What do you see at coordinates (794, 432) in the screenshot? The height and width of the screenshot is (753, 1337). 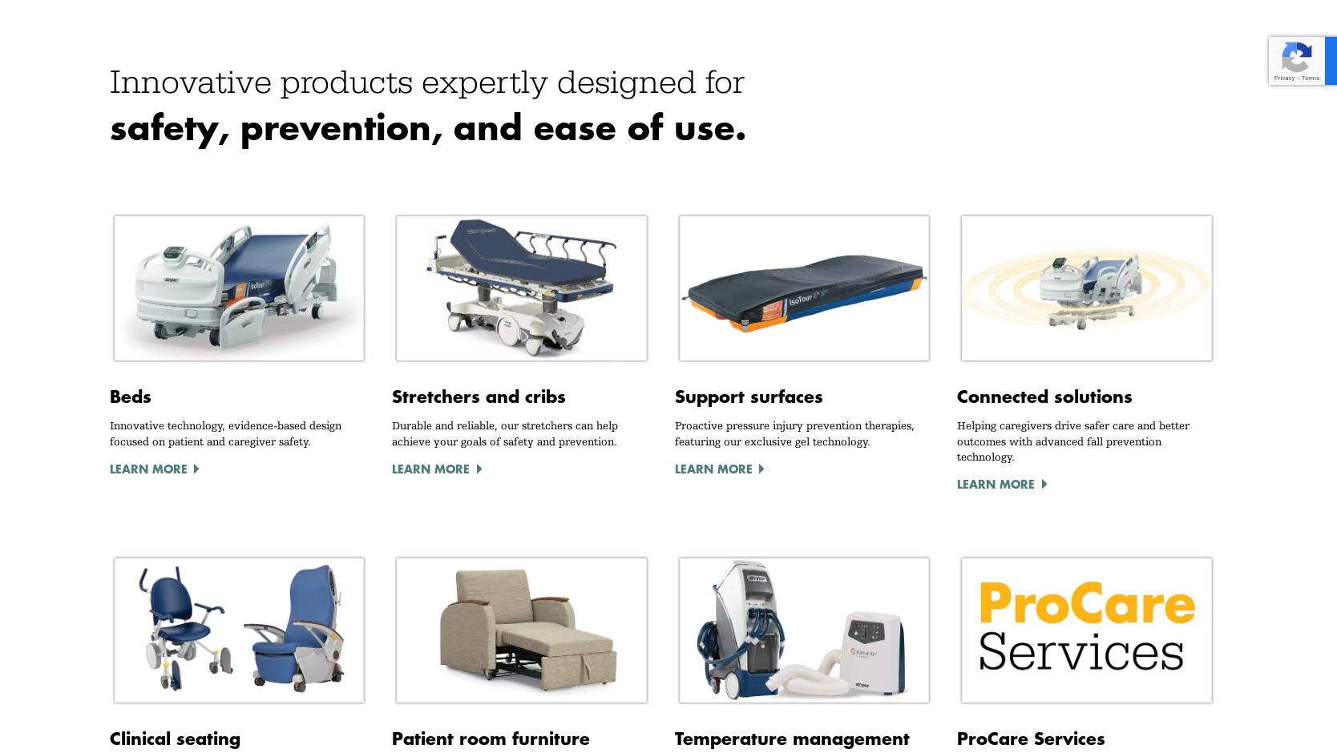 I see `'Proactive pressure injury prevention therapies, featuring our exclusive gel technology.'` at bounding box center [794, 432].